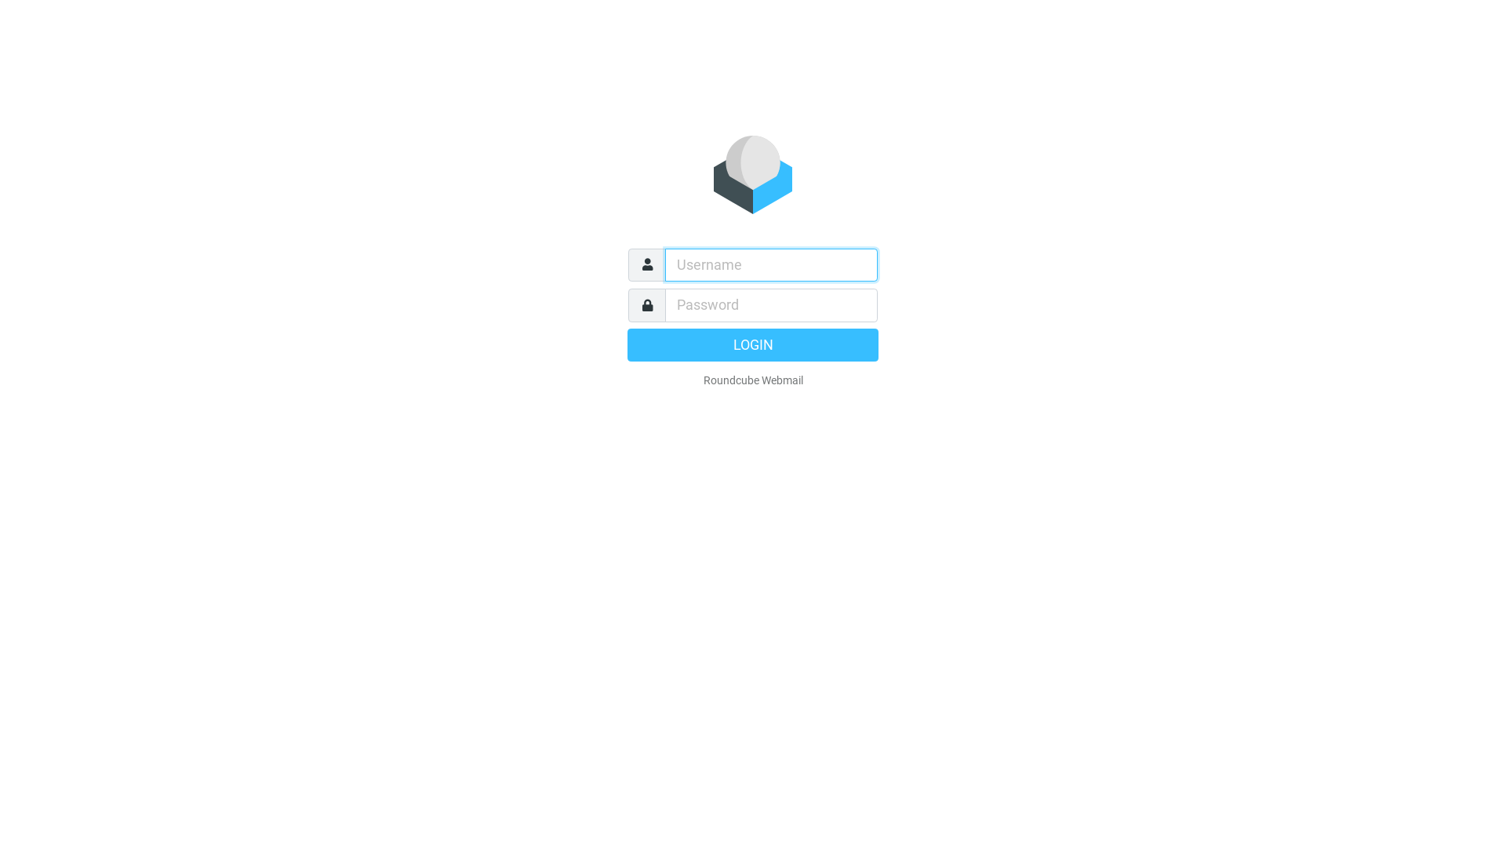  I want to click on 'LOGIN', so click(753, 344).